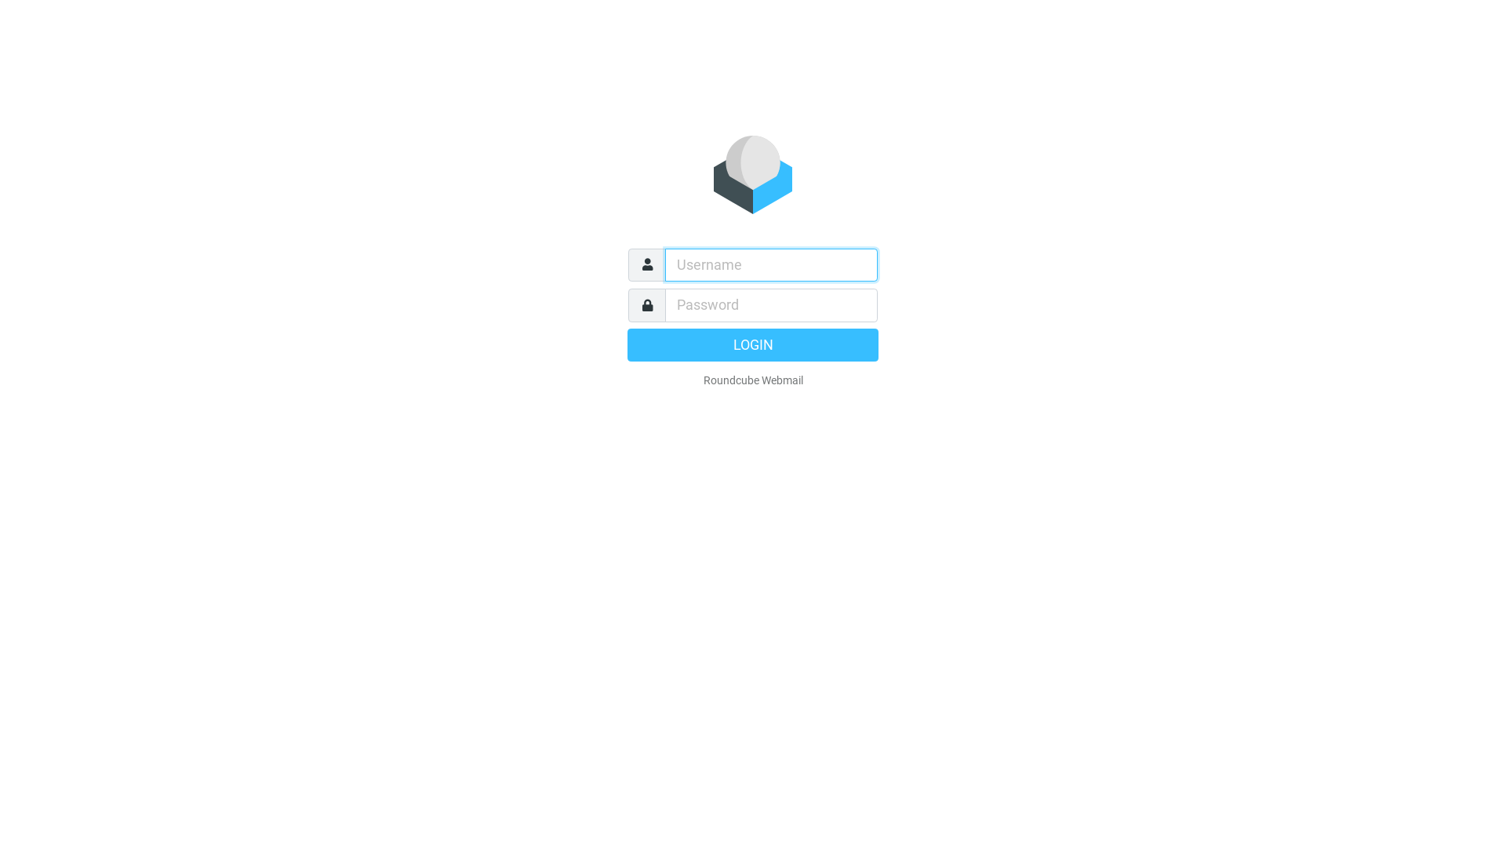  I want to click on 'LOGIN', so click(753, 344).